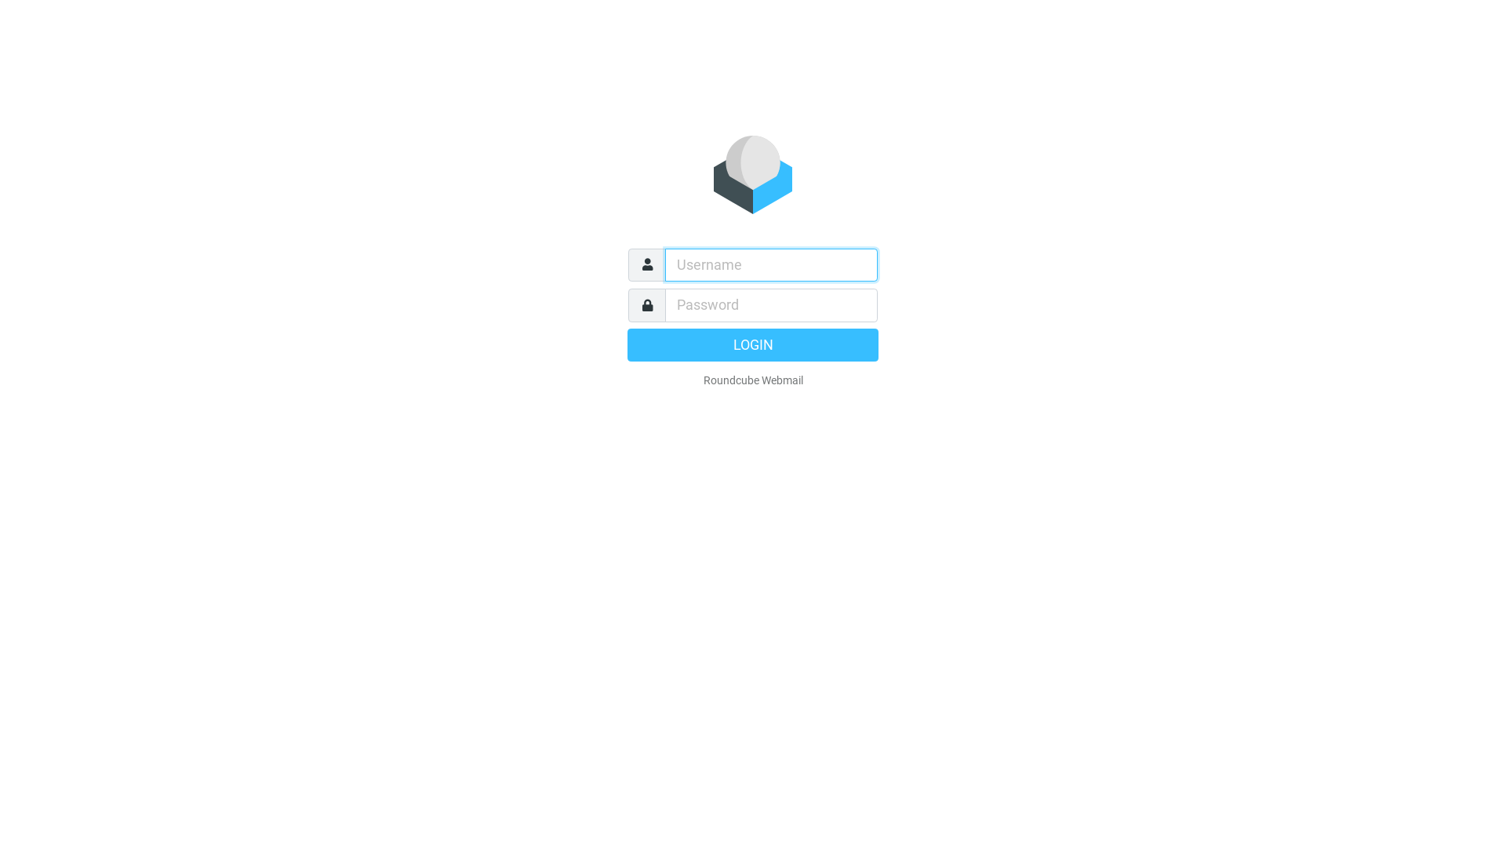  I want to click on 'LOGIN', so click(753, 344).